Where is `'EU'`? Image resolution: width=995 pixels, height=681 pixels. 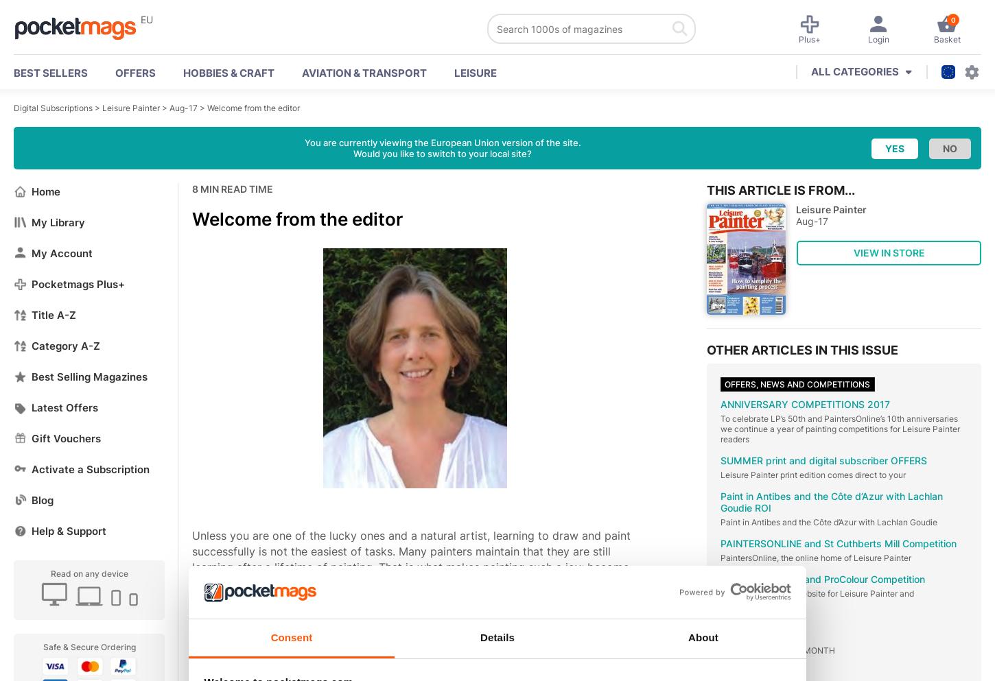
'EU' is located at coordinates (146, 19).